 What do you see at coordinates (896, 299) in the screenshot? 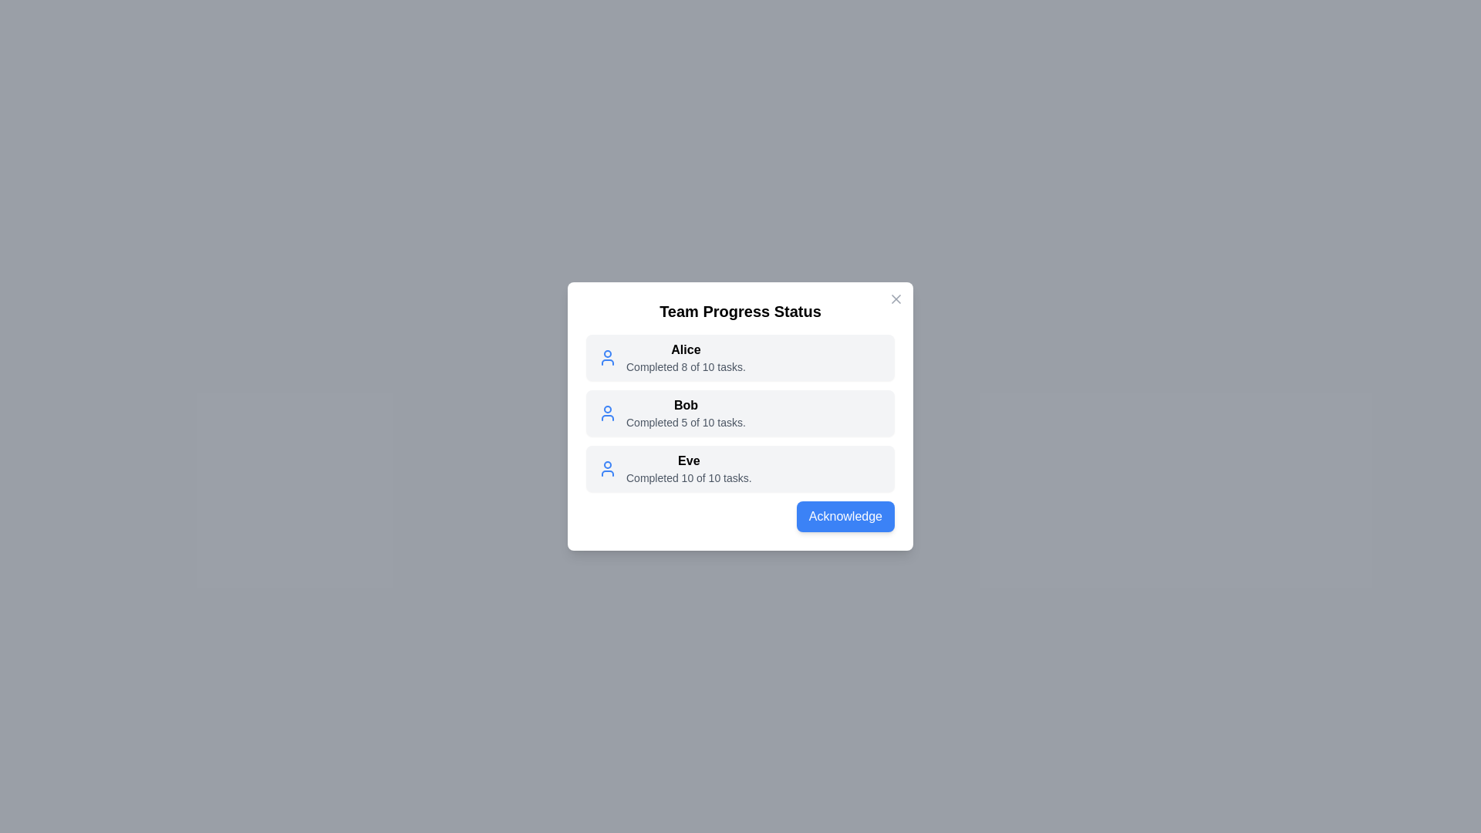
I see `close button in the top-right corner of the dialog` at bounding box center [896, 299].